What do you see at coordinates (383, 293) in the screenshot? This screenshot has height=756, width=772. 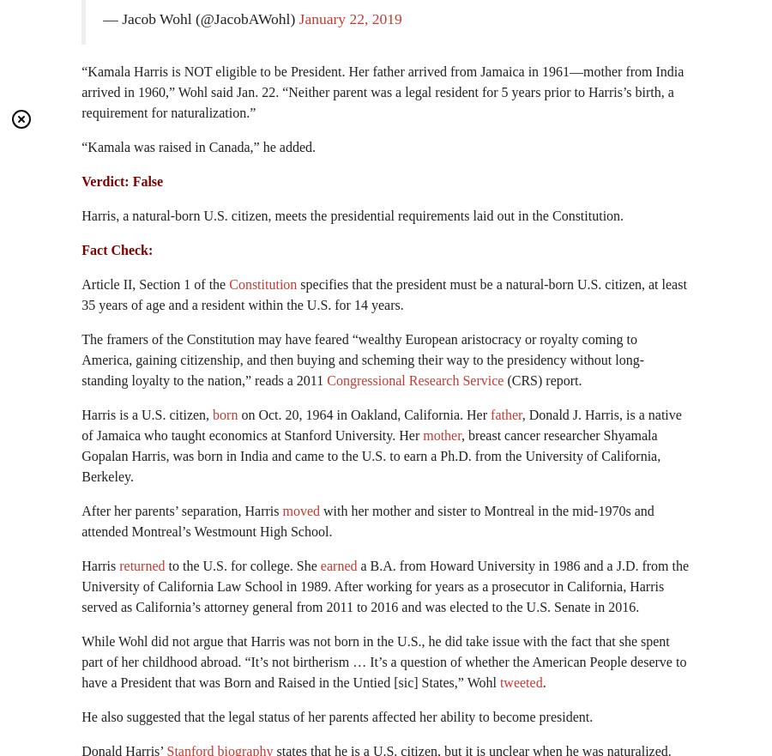 I see `'specifies that the president must be a natural-born U.S. citizen, at least 35 years of age and a resident within the U.S. for 14 years.'` at bounding box center [383, 293].